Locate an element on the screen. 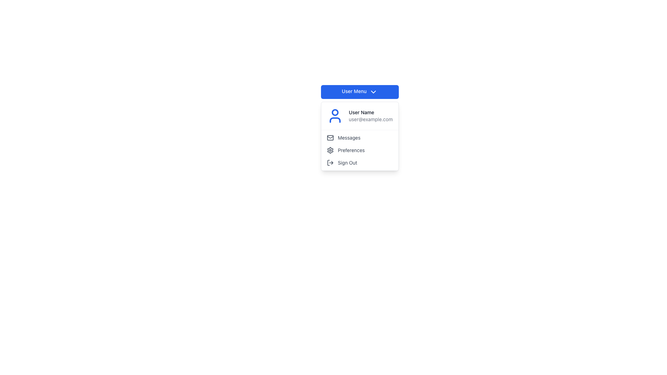  the user information text label displaying the user's name and email address located in the dropdown panel under the 'User Menu' button is located at coordinates (370, 116).